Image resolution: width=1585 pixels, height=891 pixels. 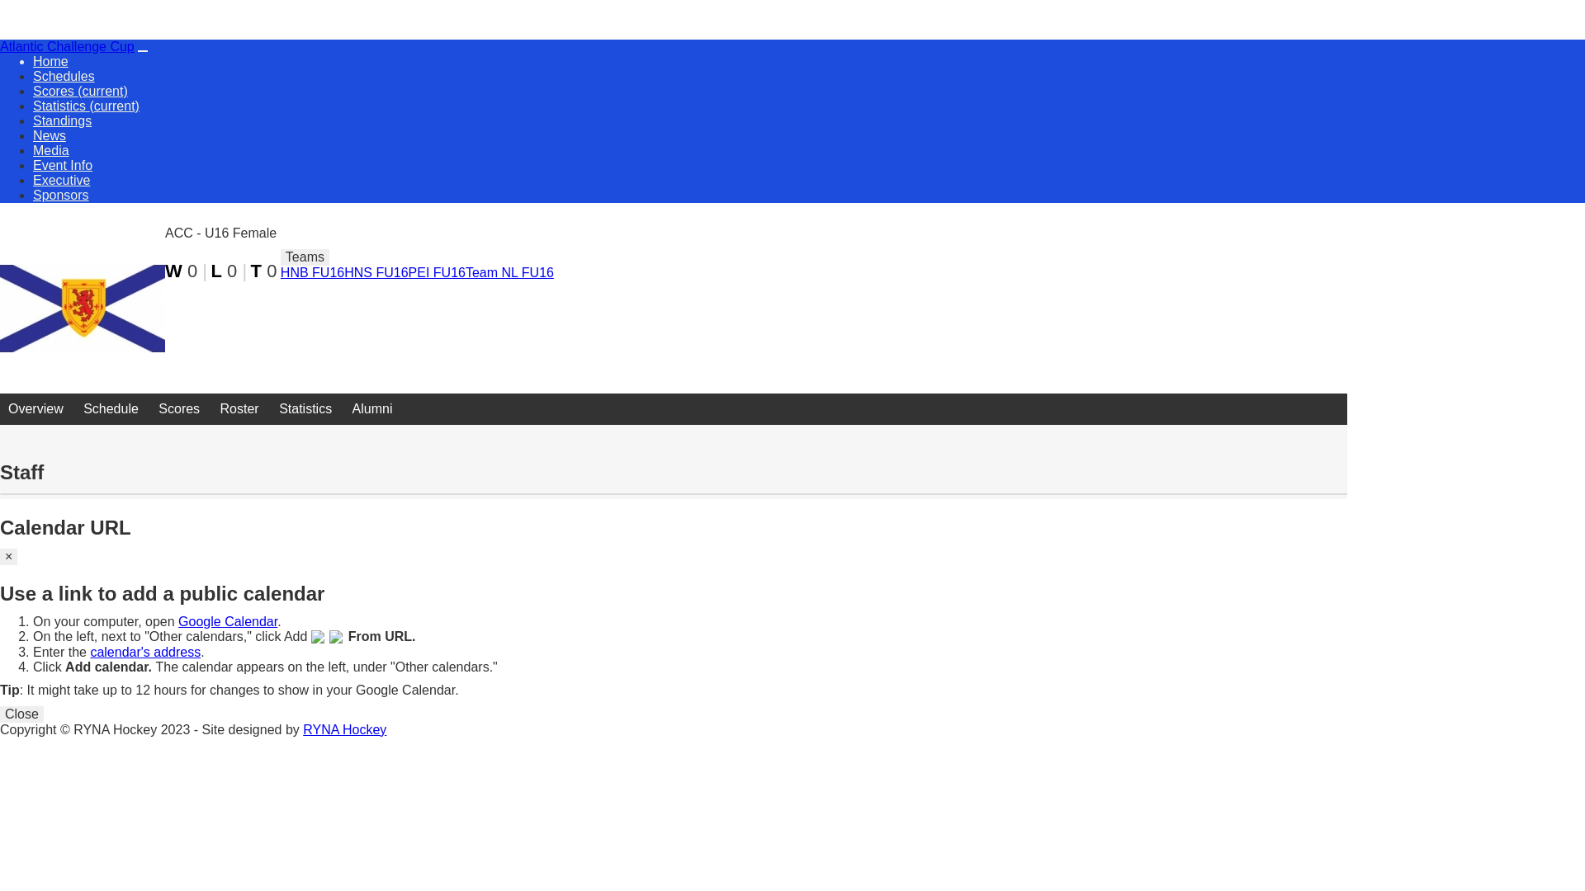 I want to click on 'Atlantic Challenge Cup', so click(x=66, y=45).